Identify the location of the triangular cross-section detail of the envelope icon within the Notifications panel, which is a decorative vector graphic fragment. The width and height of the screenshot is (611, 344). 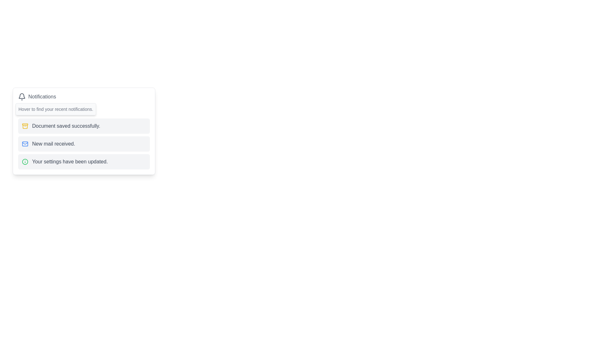
(25, 143).